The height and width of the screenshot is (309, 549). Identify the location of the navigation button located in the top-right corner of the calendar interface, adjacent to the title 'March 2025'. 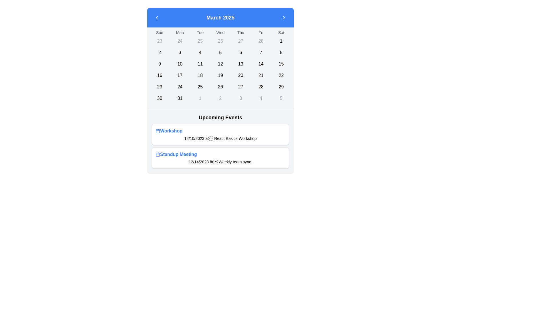
(284, 17).